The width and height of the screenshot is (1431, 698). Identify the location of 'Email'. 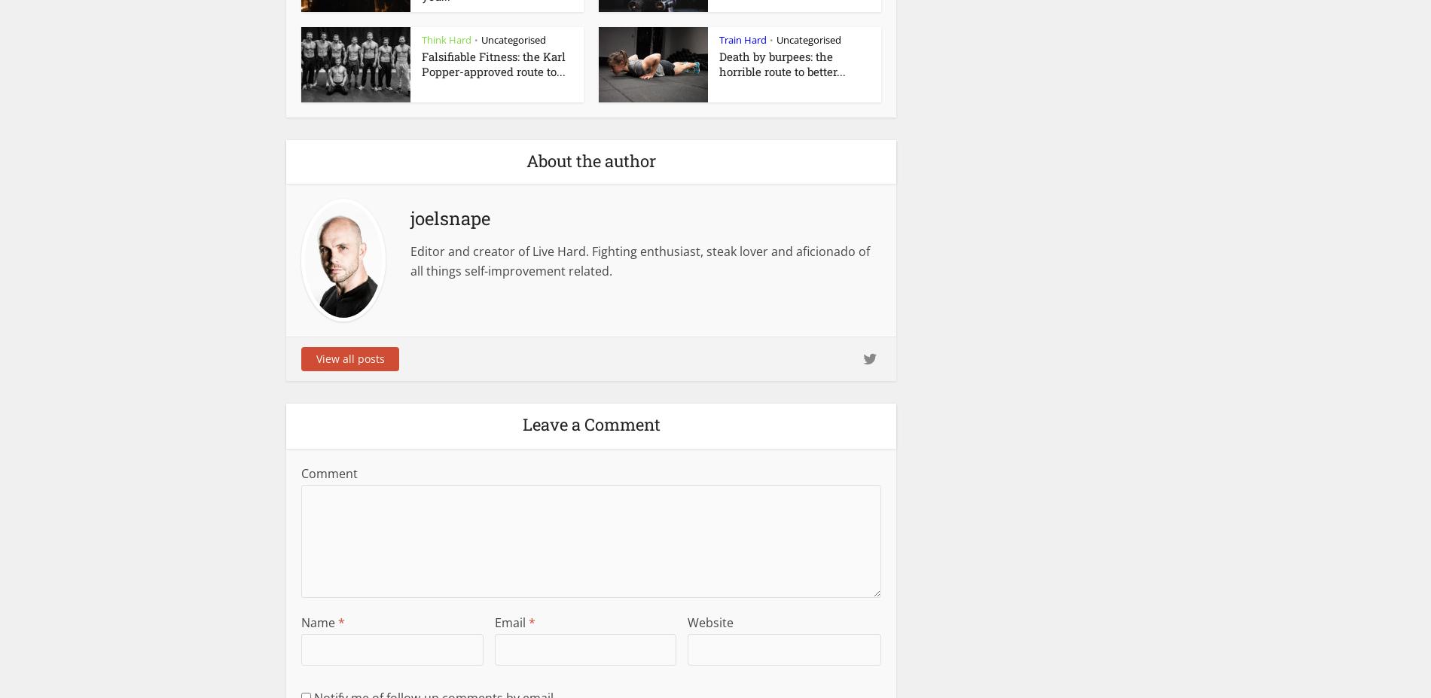
(494, 622).